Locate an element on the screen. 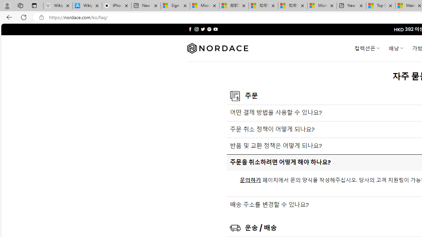  'Follow on Pinterest' is located at coordinates (209, 29).